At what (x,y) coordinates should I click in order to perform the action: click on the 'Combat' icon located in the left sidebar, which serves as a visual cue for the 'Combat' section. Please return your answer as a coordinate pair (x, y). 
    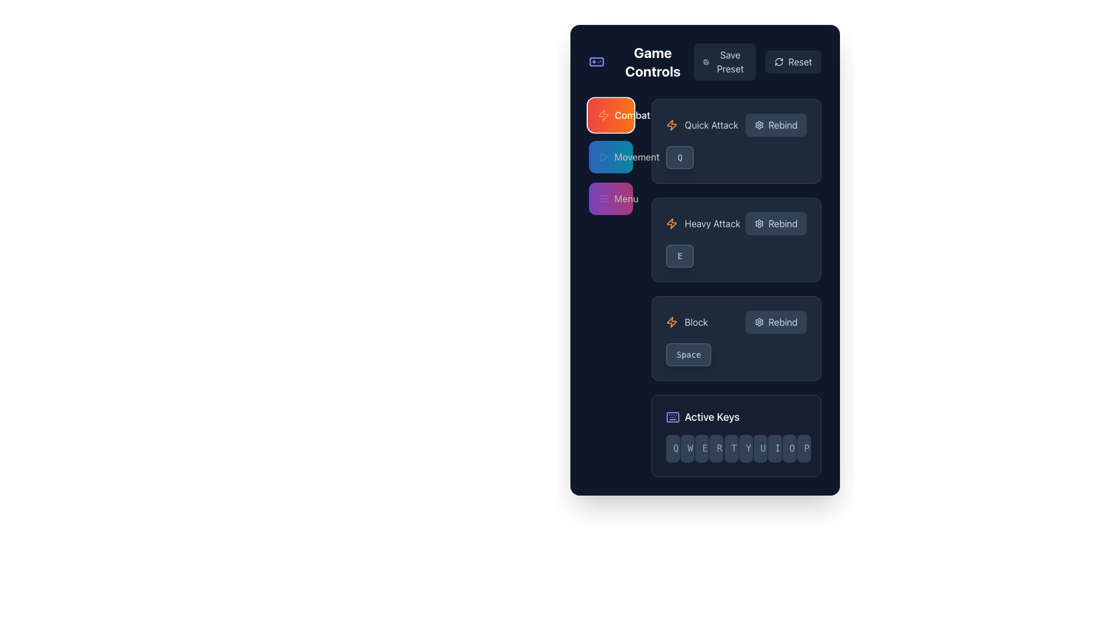
    Looking at the image, I should click on (603, 115).